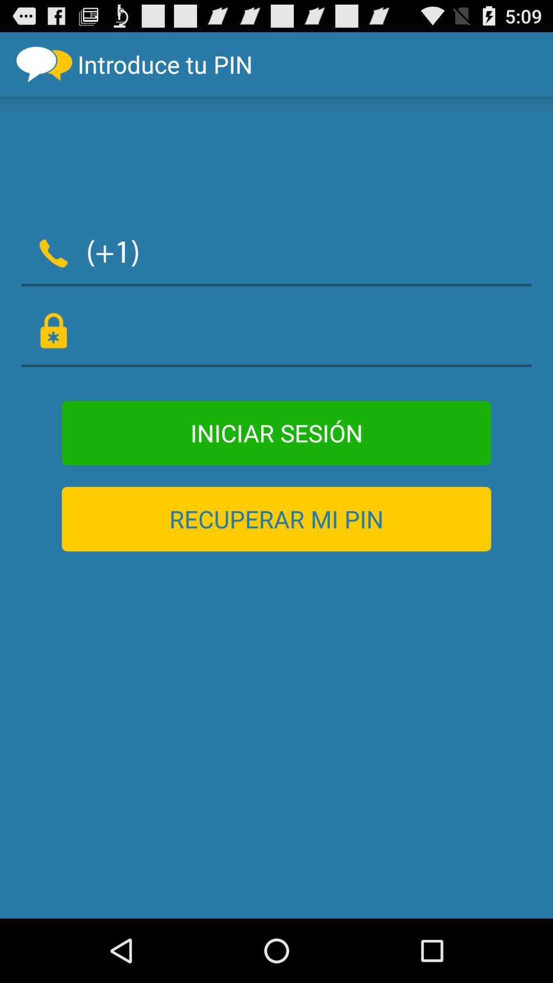  What do you see at coordinates (276, 519) in the screenshot?
I see `the recuperar mi pin` at bounding box center [276, 519].